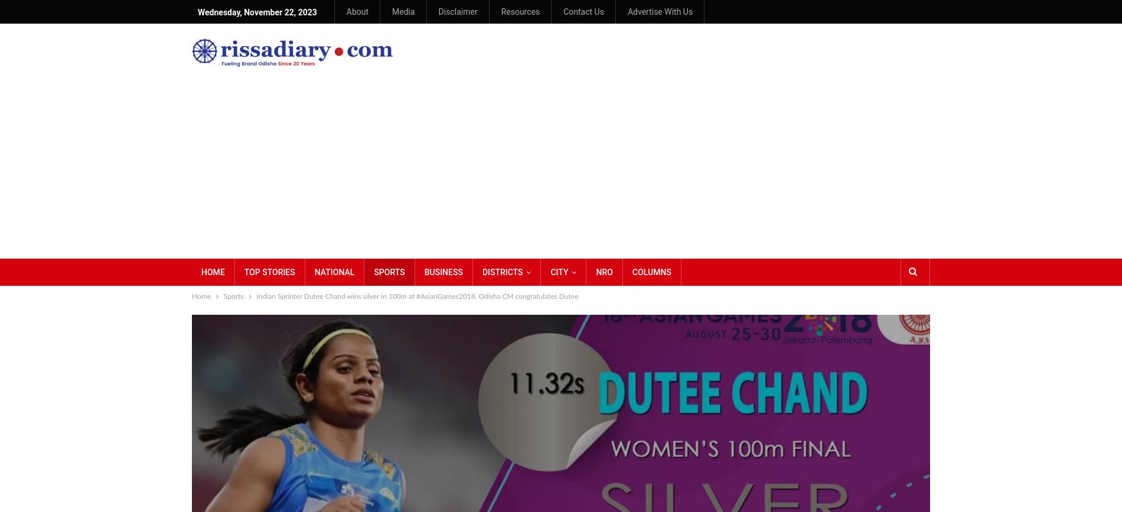 This screenshot has height=512, width=1122. I want to click on 'Search powered by Jetpack', so click(949, 109).